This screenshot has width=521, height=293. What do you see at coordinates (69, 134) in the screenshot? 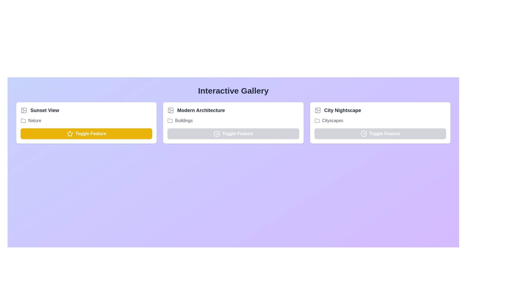
I see `the star-shaped icon adjacent to the 'Toggle Feature' text` at bounding box center [69, 134].